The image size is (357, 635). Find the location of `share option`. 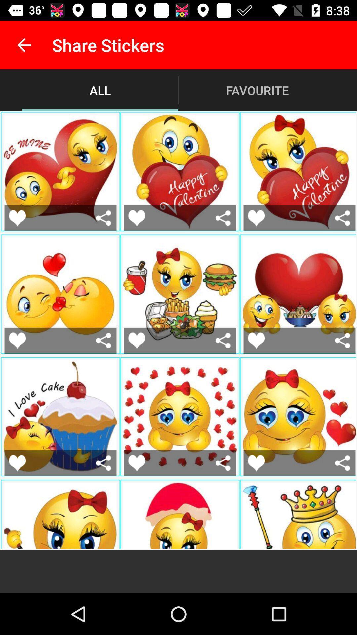

share option is located at coordinates (223, 218).